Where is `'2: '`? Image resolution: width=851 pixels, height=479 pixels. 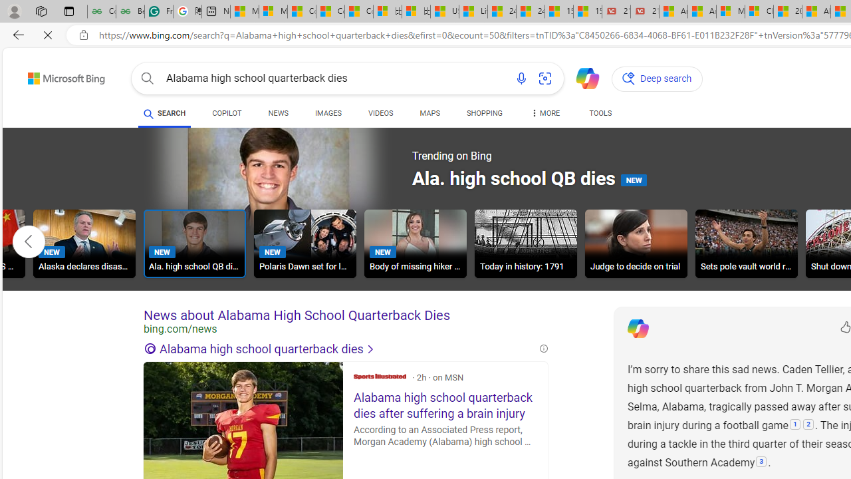 '2: ' is located at coordinates (808, 425).